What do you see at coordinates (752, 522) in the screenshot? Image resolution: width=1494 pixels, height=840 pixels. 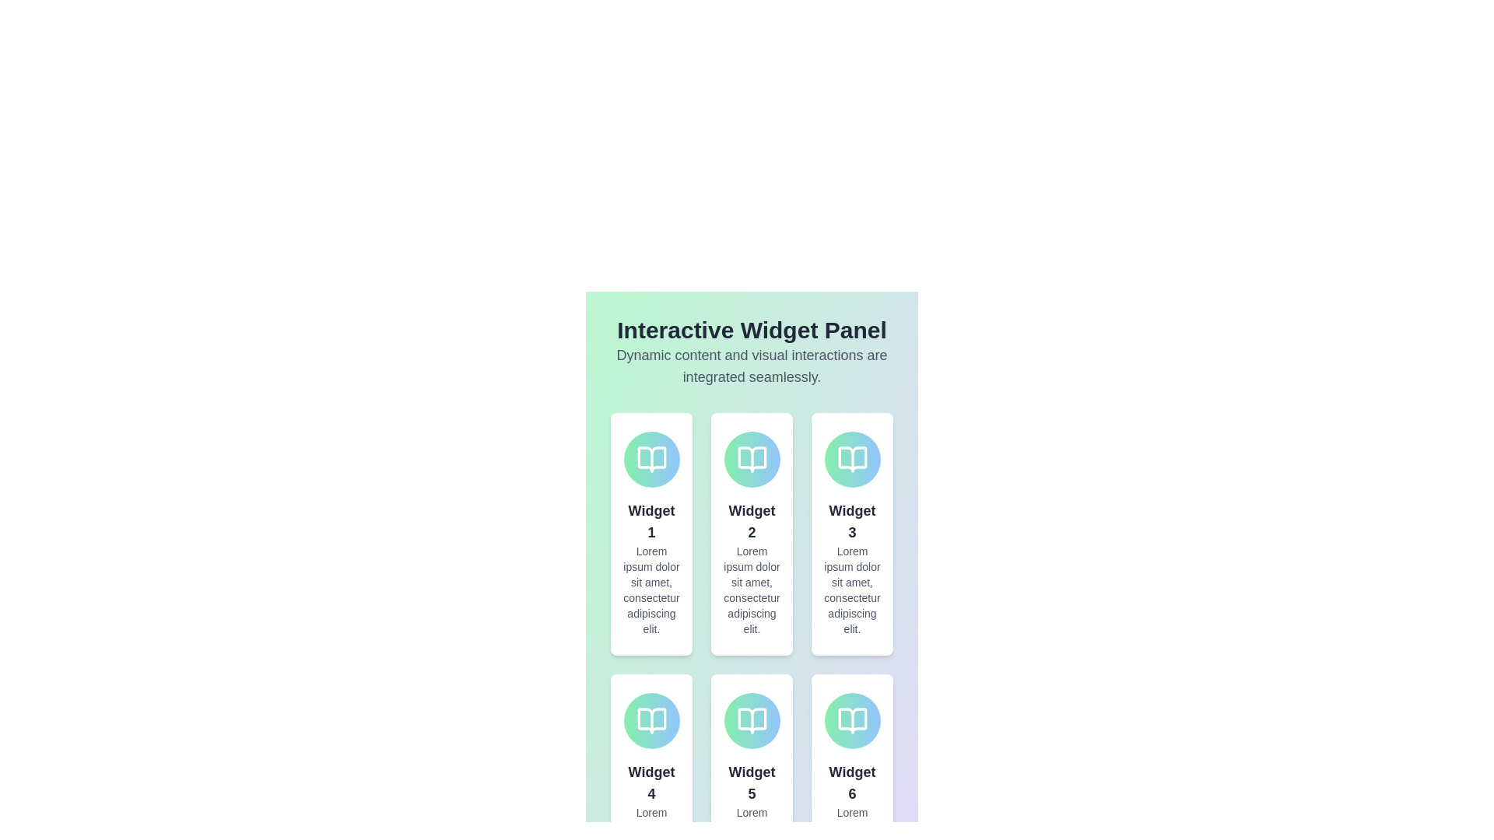 I see `text 'Widget 2' from the second text element inside the card layout in the first row, which is styled in a large and bold font with a gray color` at bounding box center [752, 522].